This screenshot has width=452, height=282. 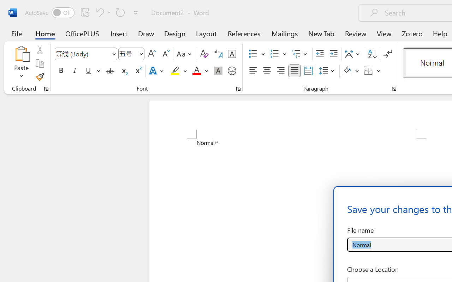 I want to click on 'Layout', so click(x=206, y=33).